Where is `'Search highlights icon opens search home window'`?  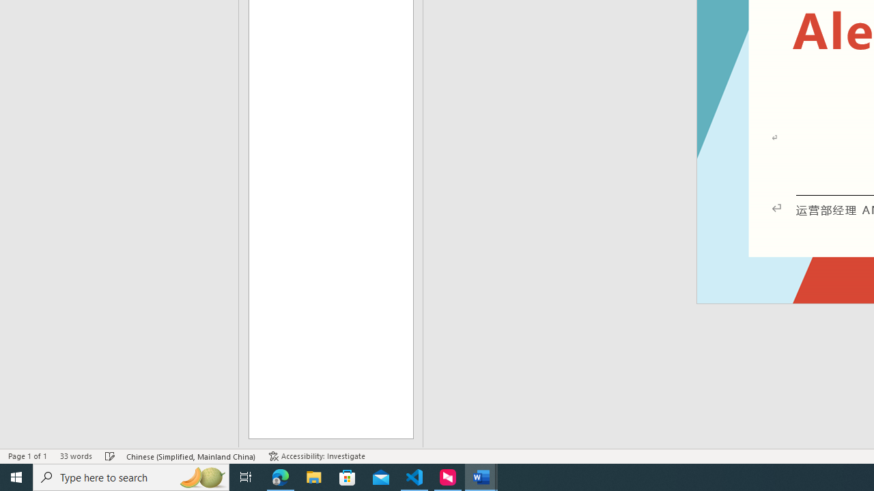
'Search highlights icon opens search home window' is located at coordinates (201, 476).